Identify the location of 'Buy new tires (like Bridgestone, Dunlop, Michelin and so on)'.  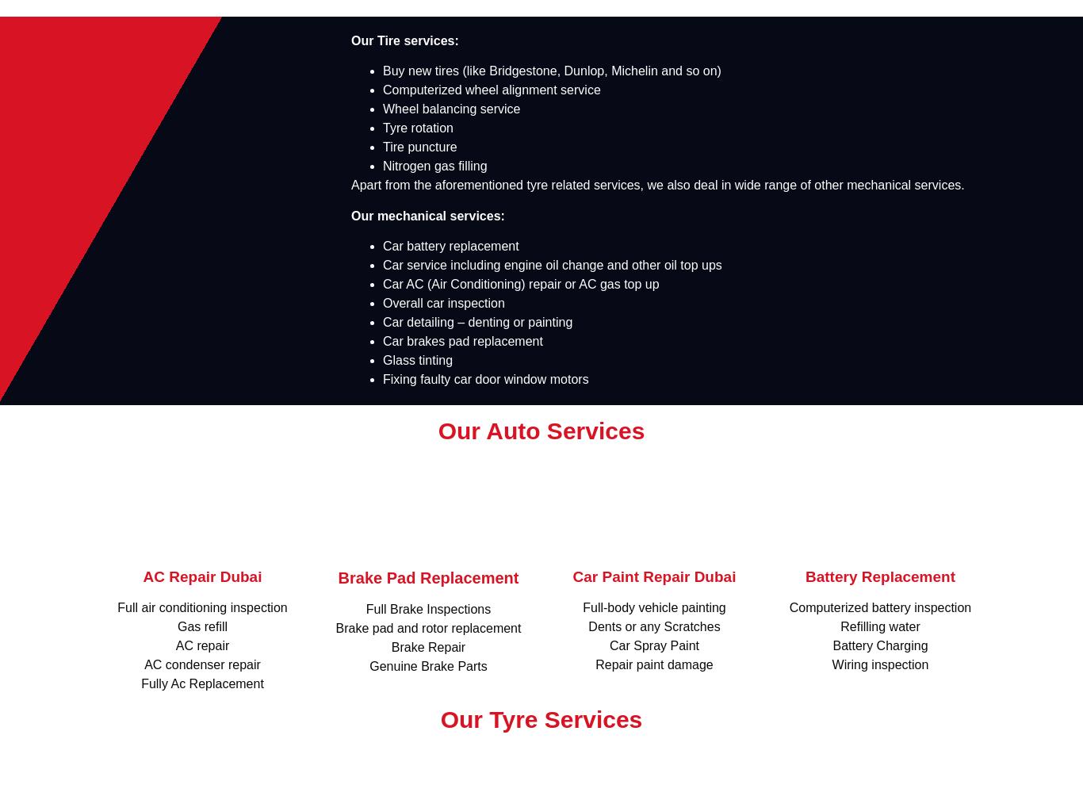
(383, 70).